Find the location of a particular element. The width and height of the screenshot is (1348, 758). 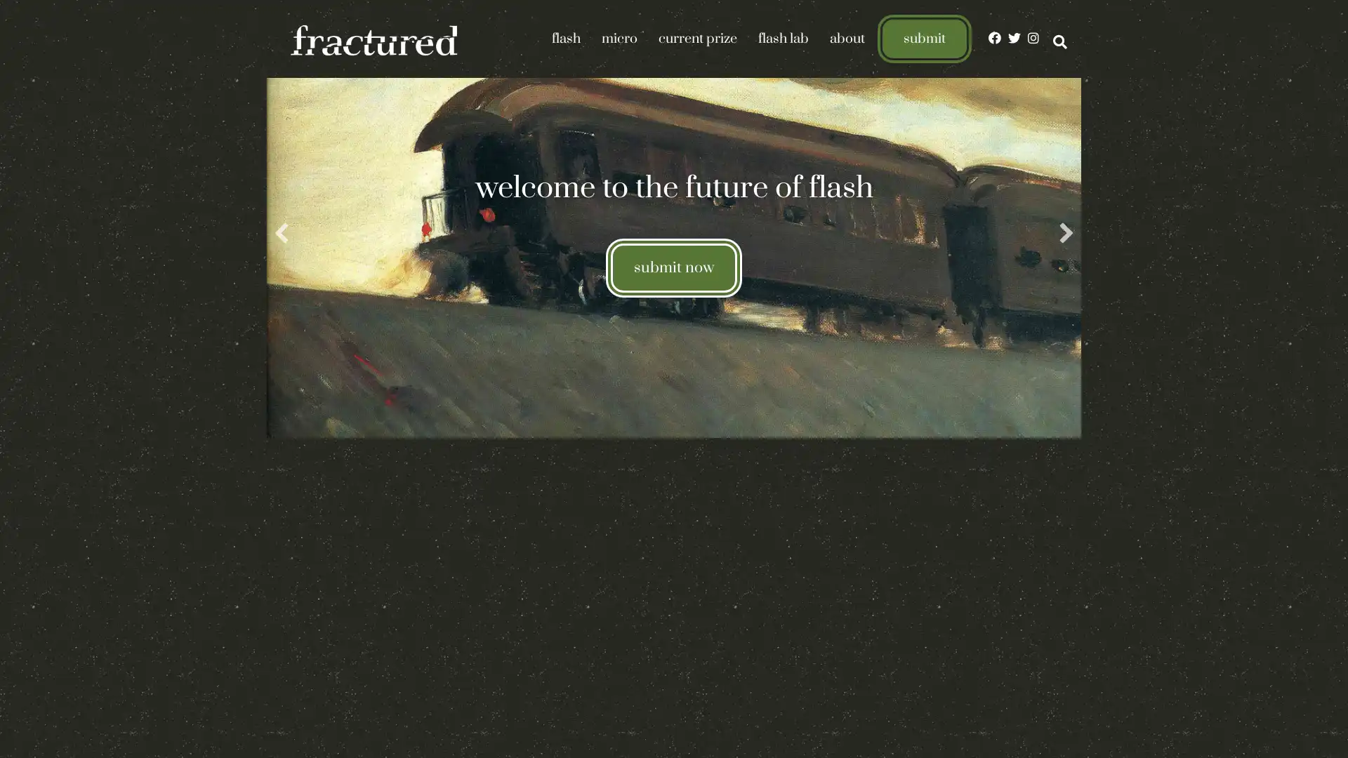

previous is located at coordinates (281, 232).